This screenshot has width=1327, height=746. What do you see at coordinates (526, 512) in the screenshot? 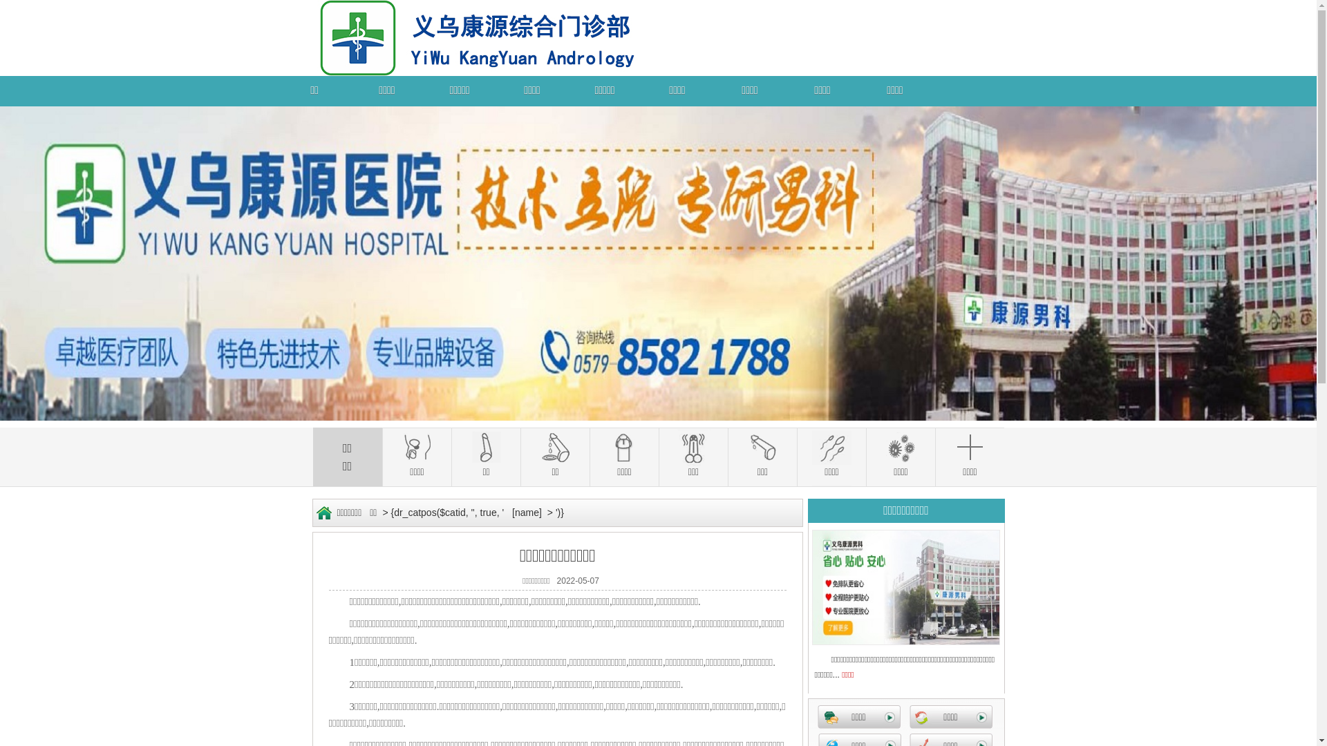
I see `'[name]'` at bounding box center [526, 512].